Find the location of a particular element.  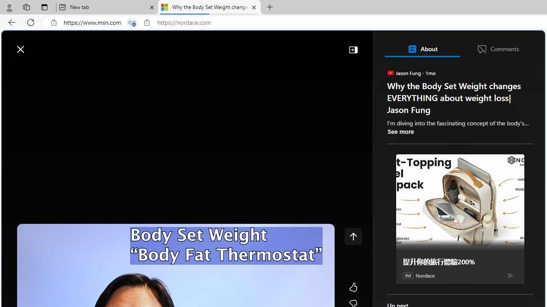

'Skip to content' is located at coordinates (37, 45).